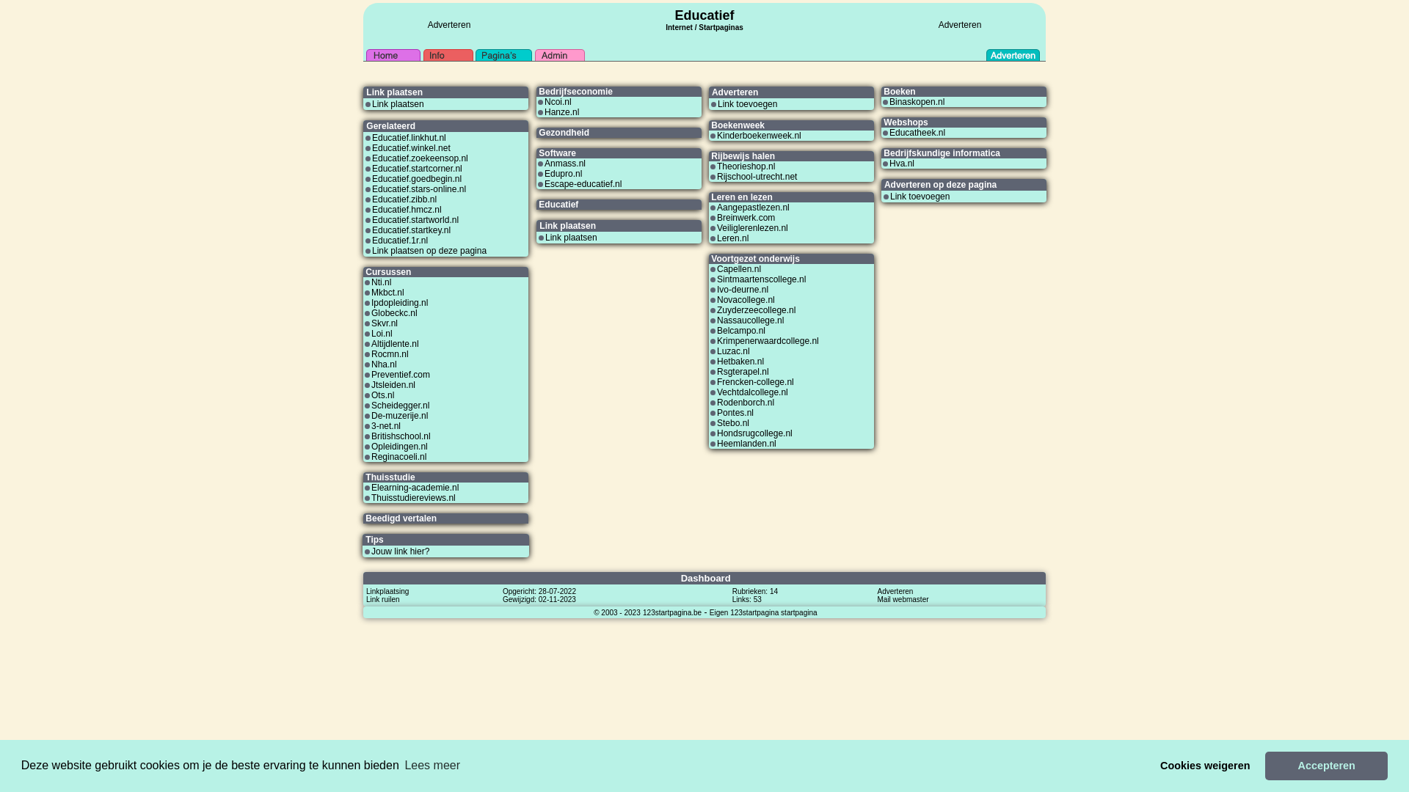 The width and height of the screenshot is (1409, 792). What do you see at coordinates (371, 405) in the screenshot?
I see `'Scheidegger.nl'` at bounding box center [371, 405].